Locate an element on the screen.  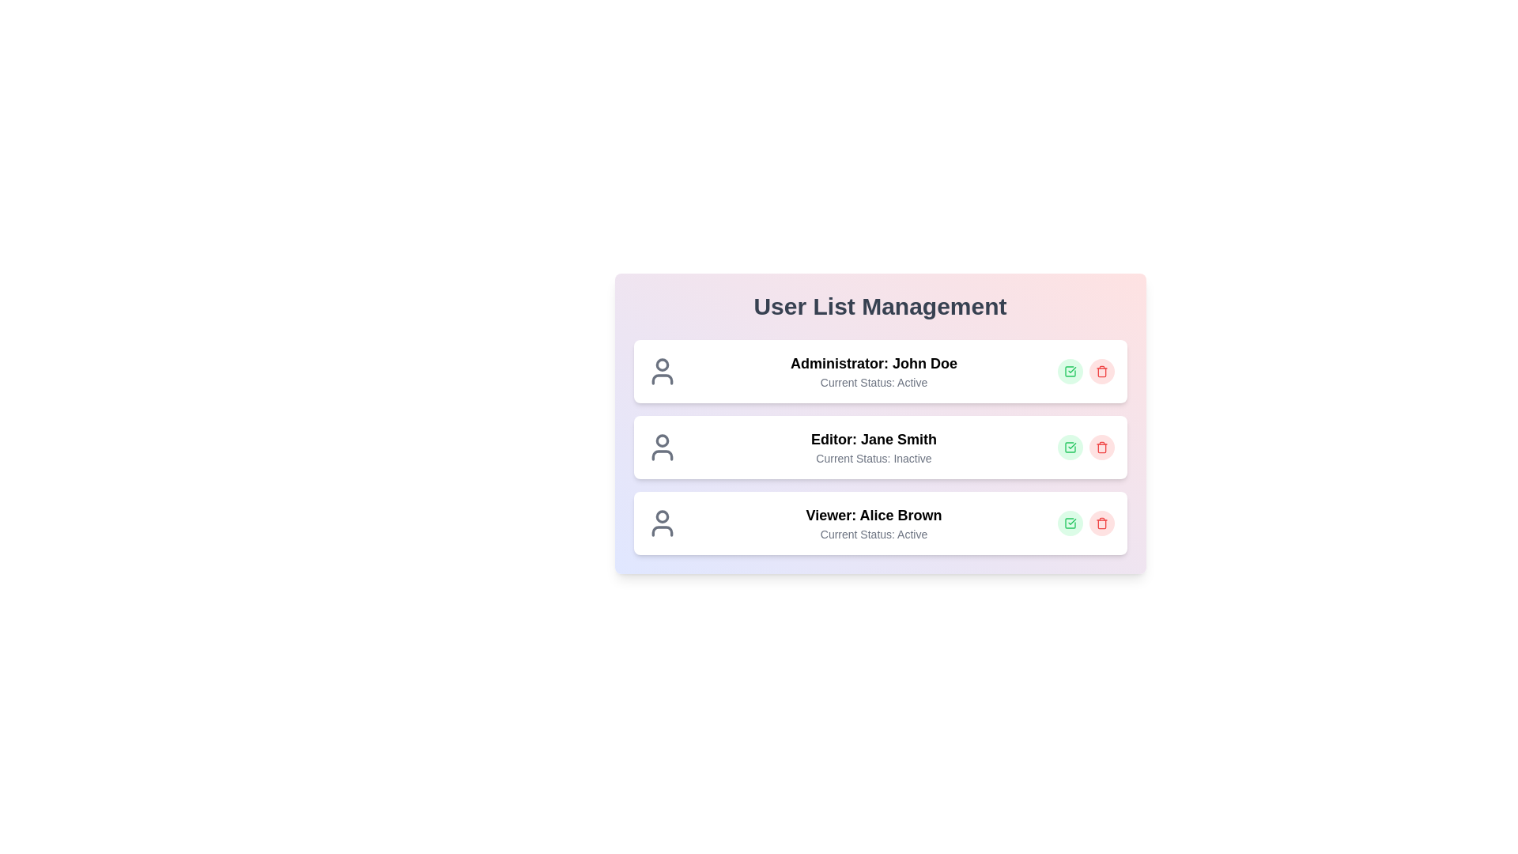
the status represented by the square-shaped icon with rounded edges, located to the right of the text 'Administrator: John Doe' is located at coordinates (1070, 372).